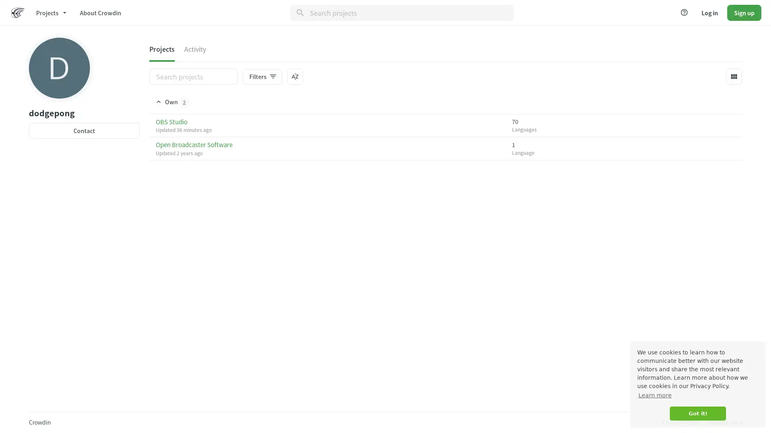  I want to click on view_module, so click(734, 77).